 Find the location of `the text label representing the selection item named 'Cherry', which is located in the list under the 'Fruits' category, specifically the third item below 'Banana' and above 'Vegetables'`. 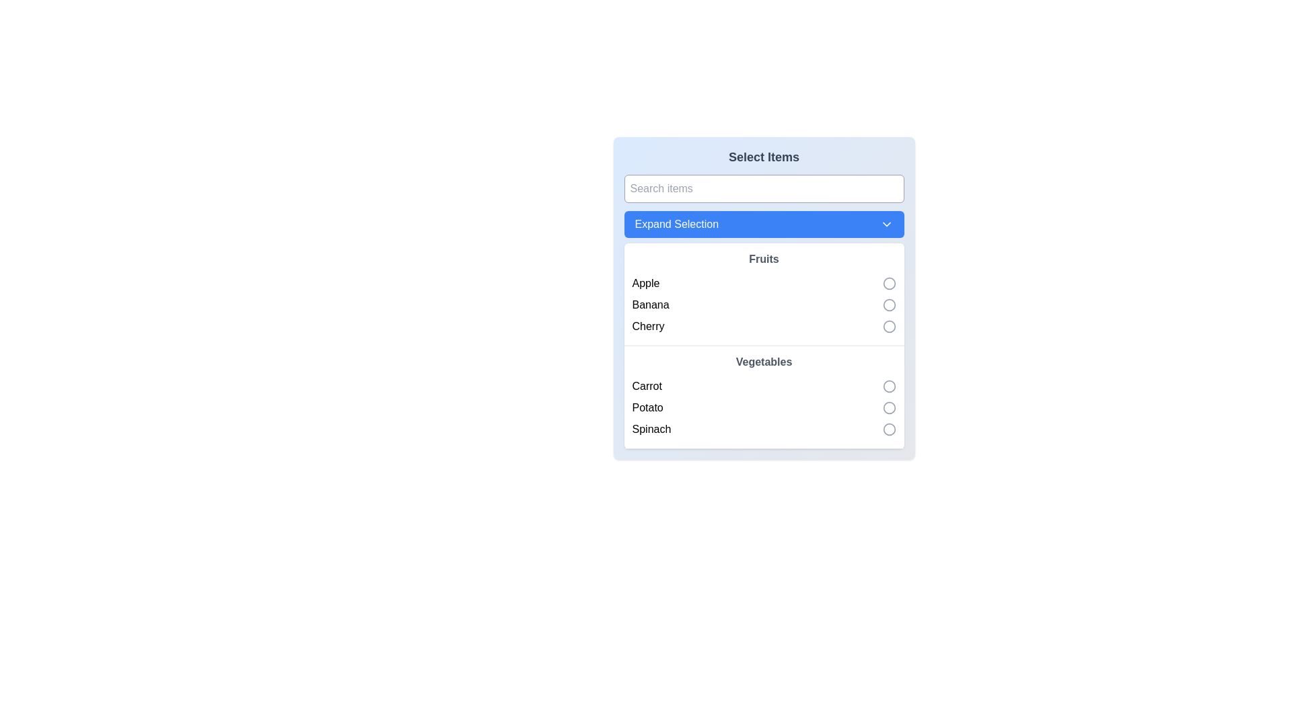

the text label representing the selection item named 'Cherry', which is located in the list under the 'Fruits' category, specifically the third item below 'Banana' and above 'Vegetables' is located at coordinates (648, 327).